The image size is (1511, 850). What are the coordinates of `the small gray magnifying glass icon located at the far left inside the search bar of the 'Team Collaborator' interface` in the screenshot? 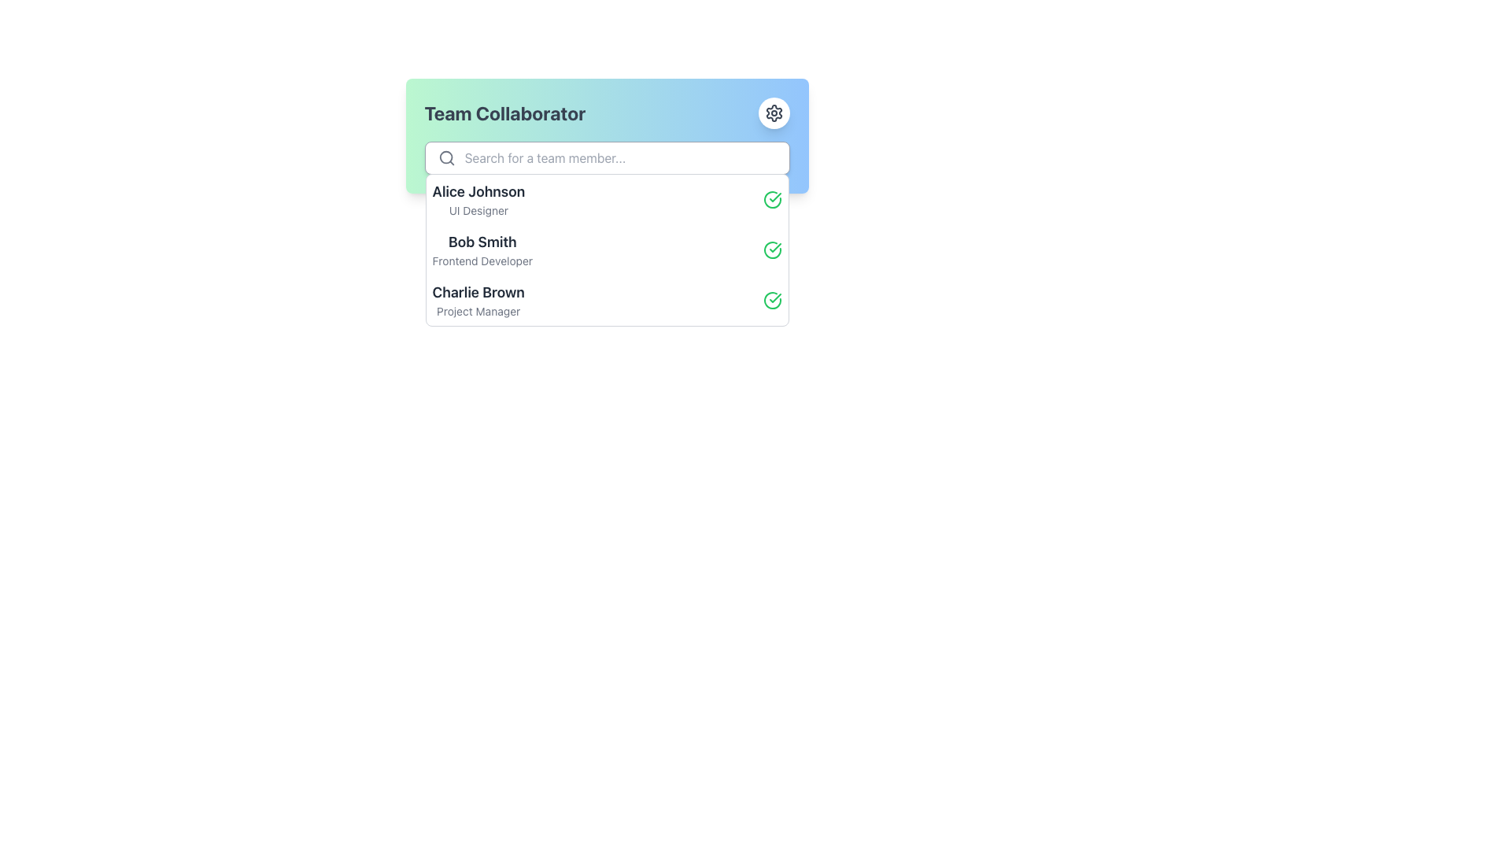 It's located at (445, 157).